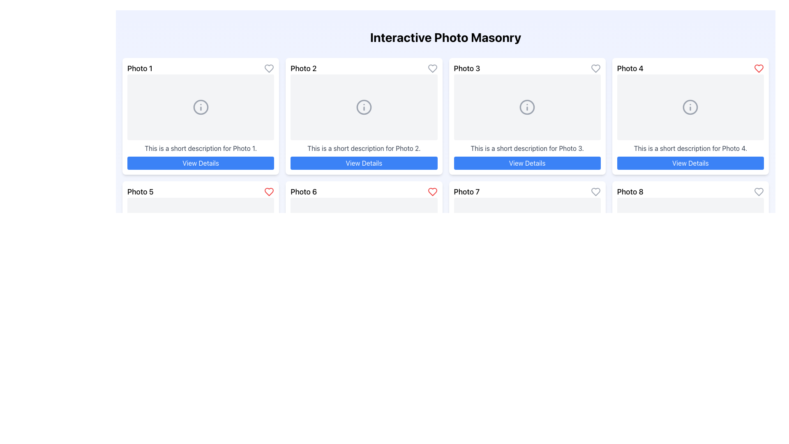  What do you see at coordinates (303, 68) in the screenshot?
I see `the text label that displays the title or name of the photo card located in the top-left corner of the second photo card in the first row of the grid layout` at bounding box center [303, 68].